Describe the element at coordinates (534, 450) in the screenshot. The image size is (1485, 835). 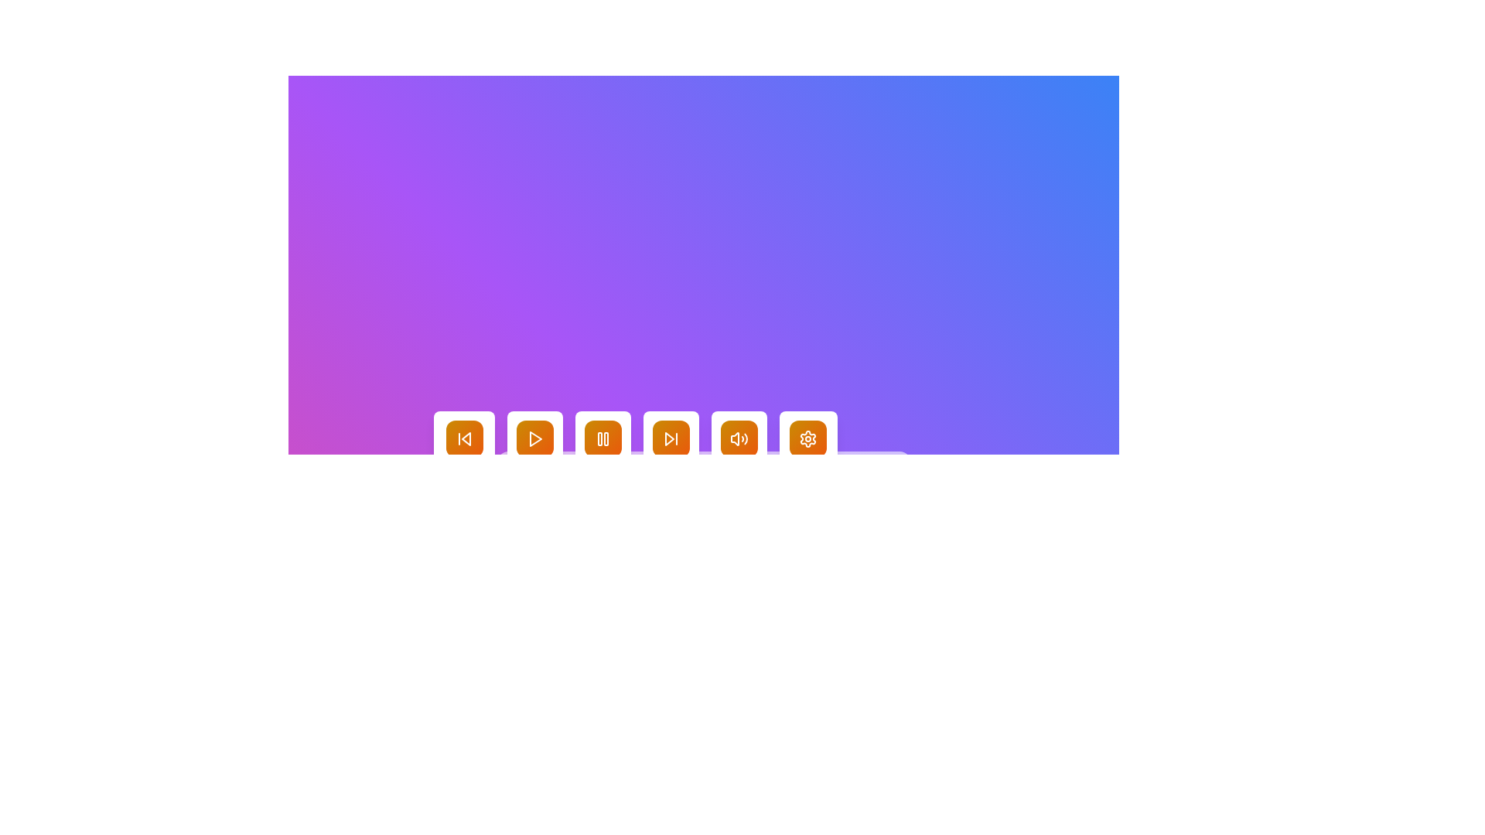
I see `the play control button, which is the second button from the left` at that location.